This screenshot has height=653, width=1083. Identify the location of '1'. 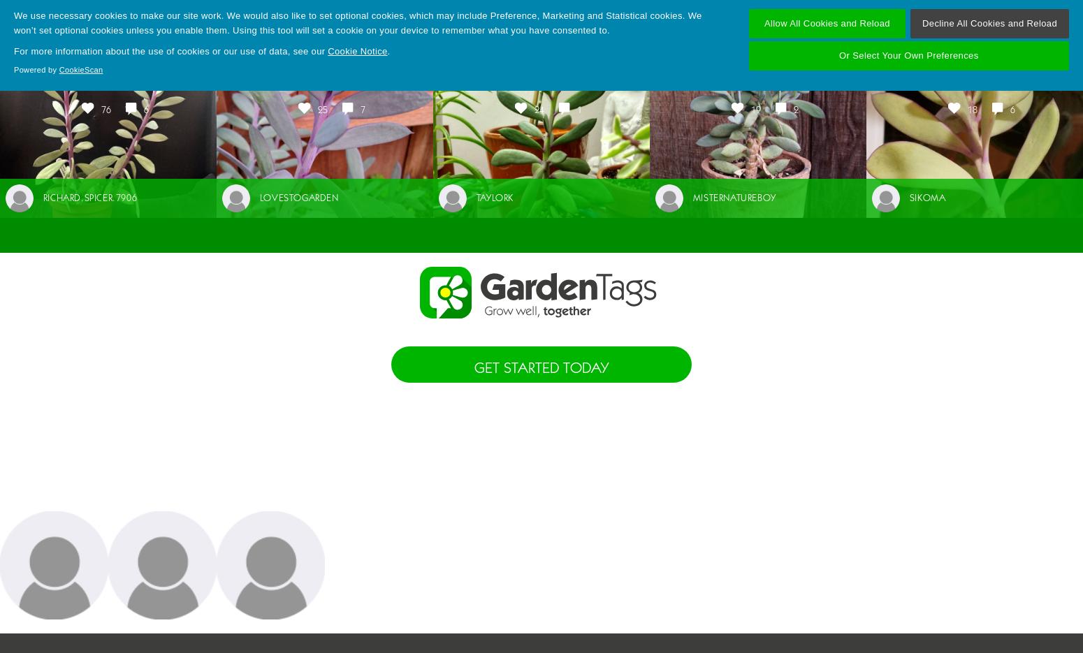
(578, 109).